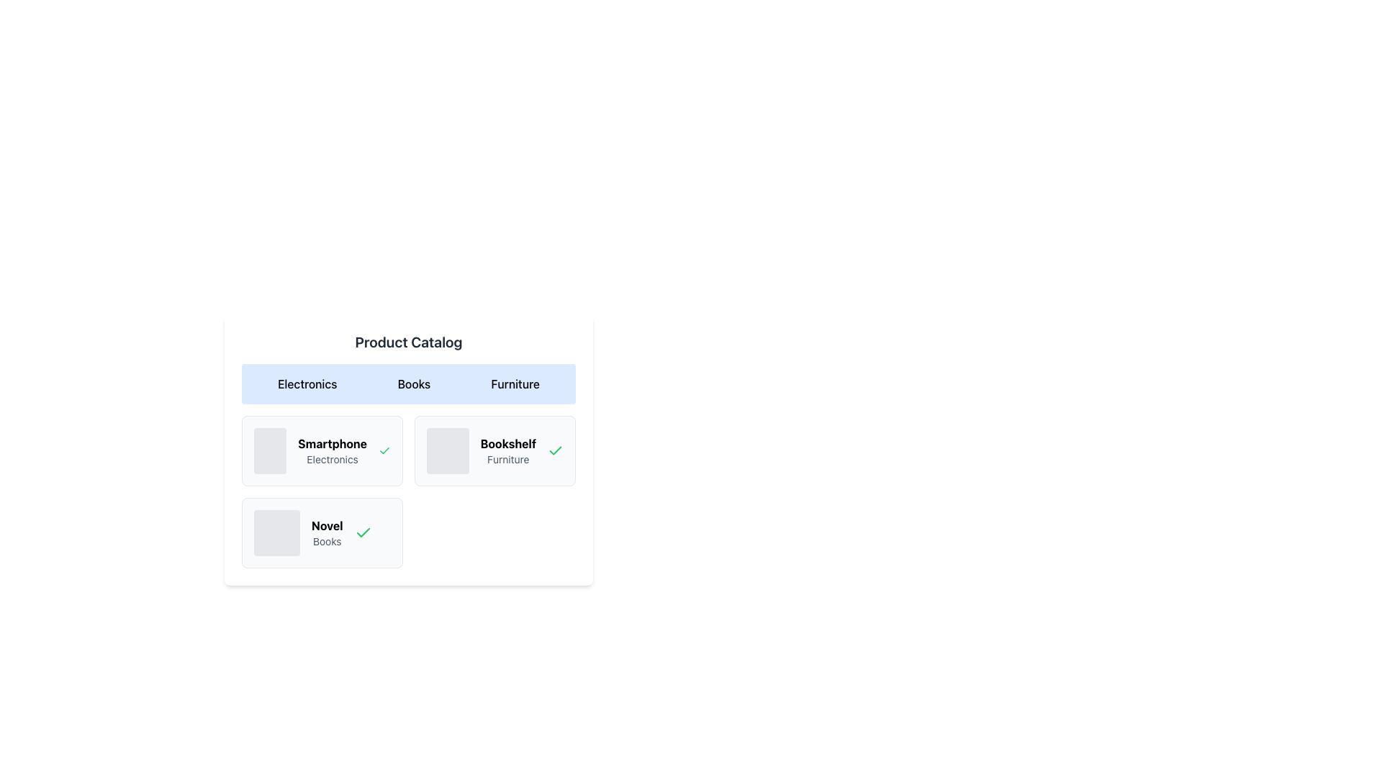 The image size is (1382, 777). Describe the element at coordinates (555, 450) in the screenshot. I see `the Icon indicating that the 'Smartphone' item is marked as selected or approved in the 'Product Catalog' section, located to the right of the 'Smartphone' label` at that location.